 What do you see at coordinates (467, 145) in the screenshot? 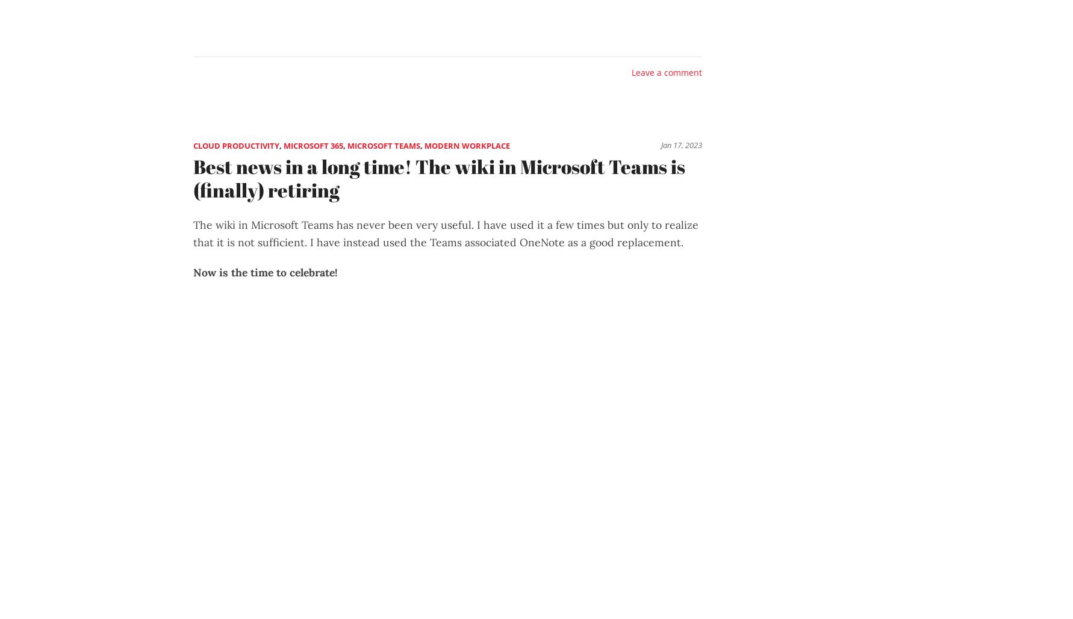
I see `'Modern Workplace'` at bounding box center [467, 145].